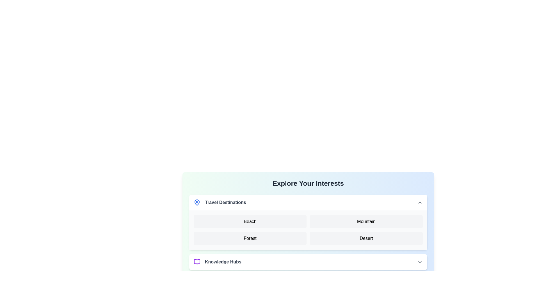  What do you see at coordinates (197, 262) in the screenshot?
I see `the interactive icon resembling an open book, styled in purple, located to the left of the 'Knowledge Hubs' text in the 'Explore Your Interests' section` at bounding box center [197, 262].